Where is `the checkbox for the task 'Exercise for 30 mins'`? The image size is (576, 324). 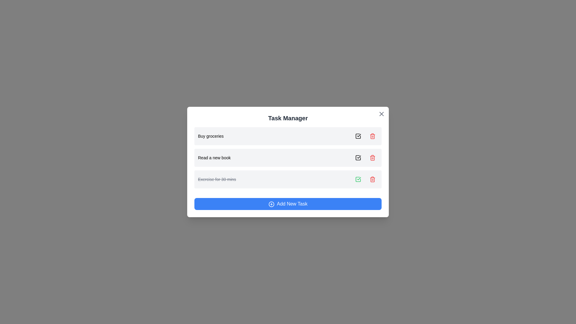 the checkbox for the task 'Exercise for 30 mins' is located at coordinates (358, 179).